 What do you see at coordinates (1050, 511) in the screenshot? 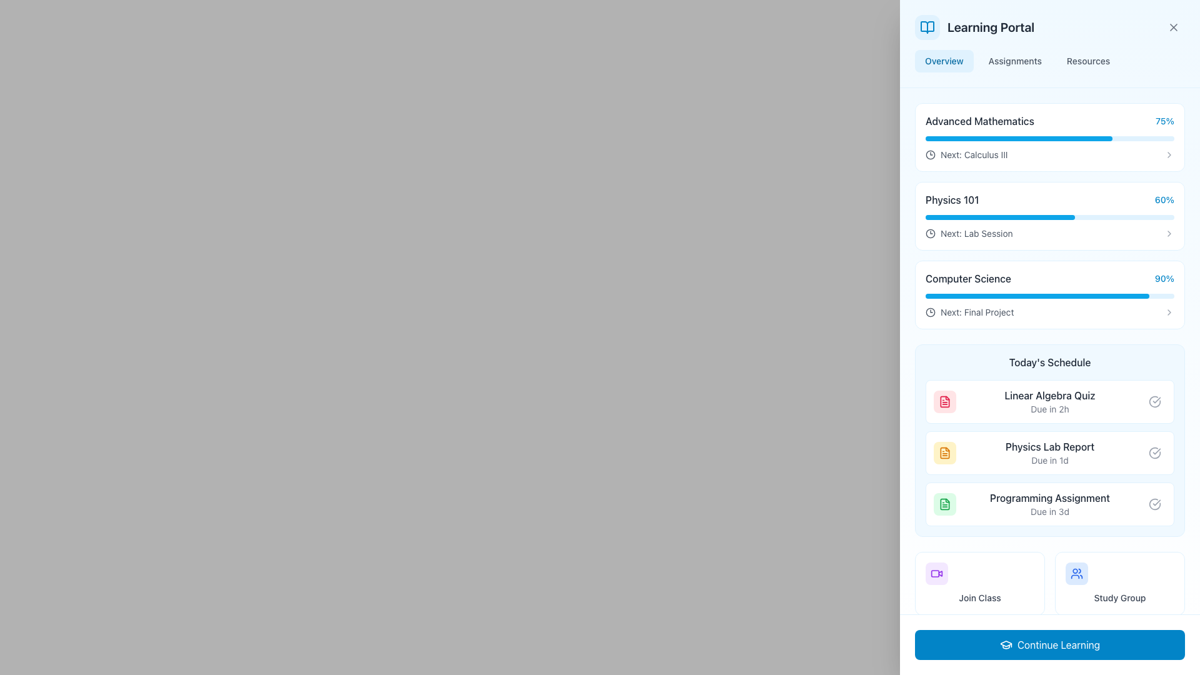
I see `the informational text label that displays the remaining time for the 'Programming Assignment', located below its title in the 'Today's Schedule' section` at bounding box center [1050, 511].